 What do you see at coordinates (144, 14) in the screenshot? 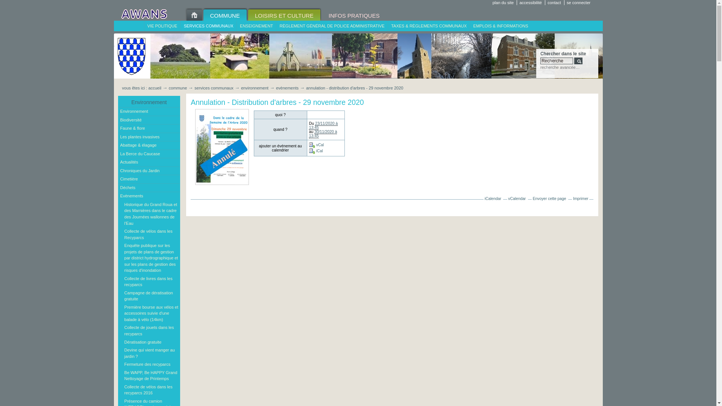
I see `'Logo Awans'` at bounding box center [144, 14].